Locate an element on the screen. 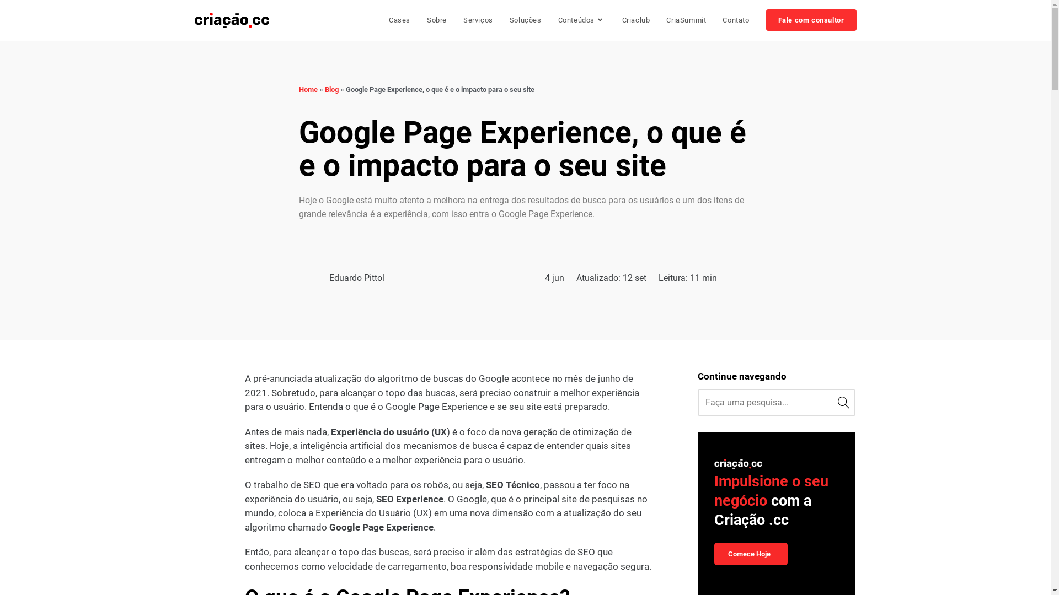 The height and width of the screenshot is (595, 1059). 'Eduardo Pittol' is located at coordinates (341, 278).